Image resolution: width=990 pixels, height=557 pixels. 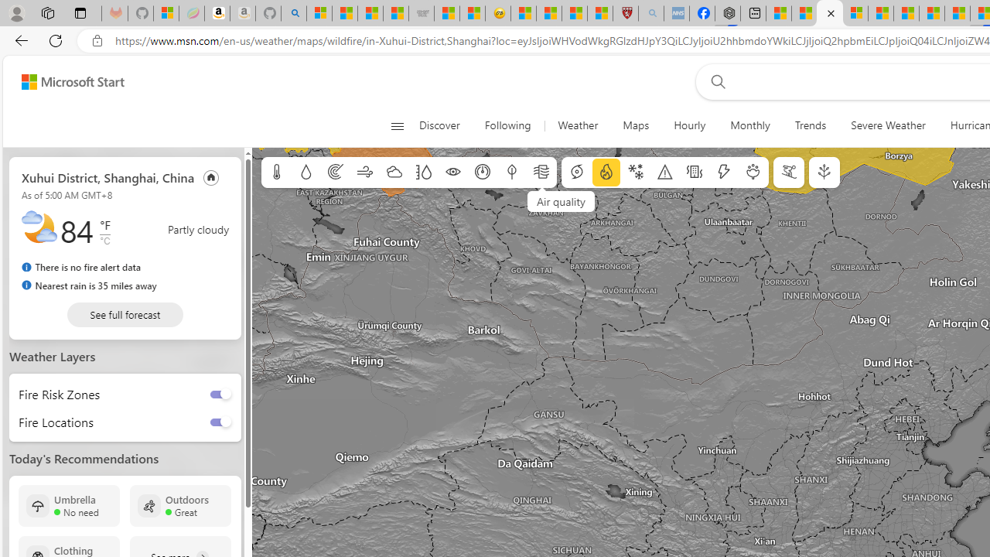 I want to click on 'Wind', so click(x=364, y=173).